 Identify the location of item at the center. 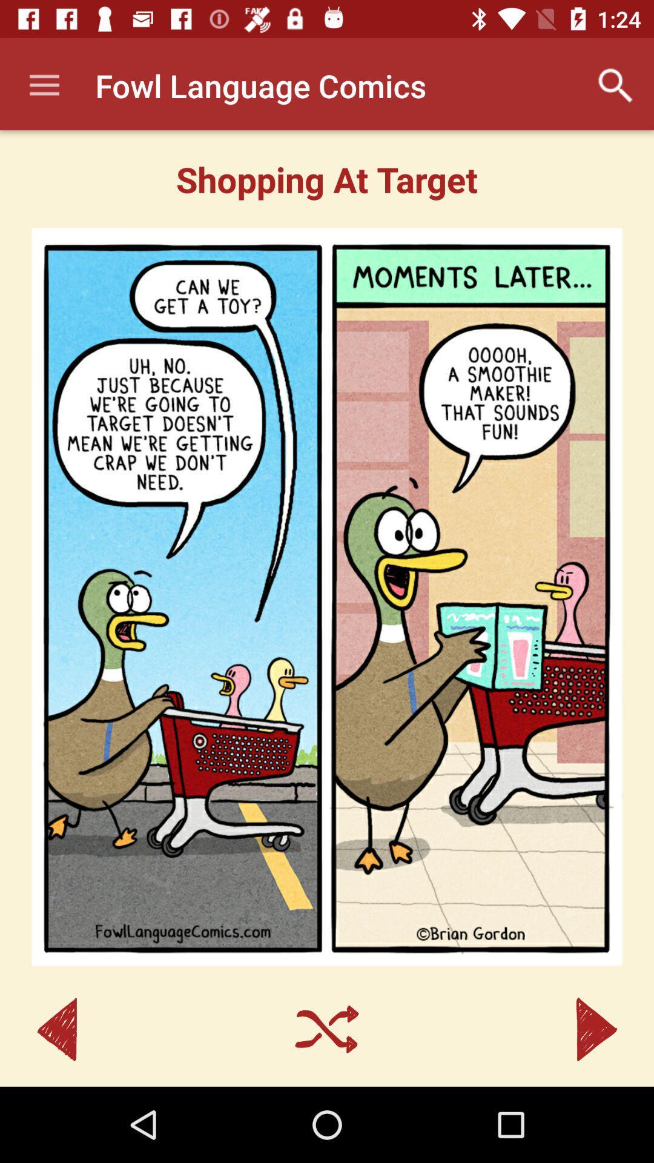
(327, 597).